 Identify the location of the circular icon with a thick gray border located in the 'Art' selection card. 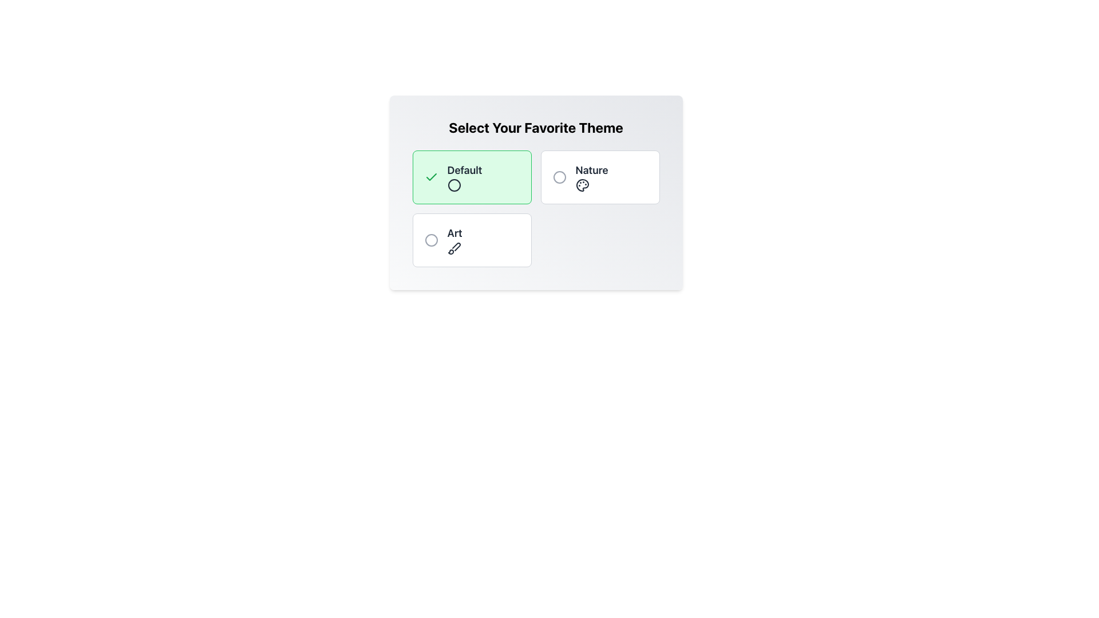
(430, 240).